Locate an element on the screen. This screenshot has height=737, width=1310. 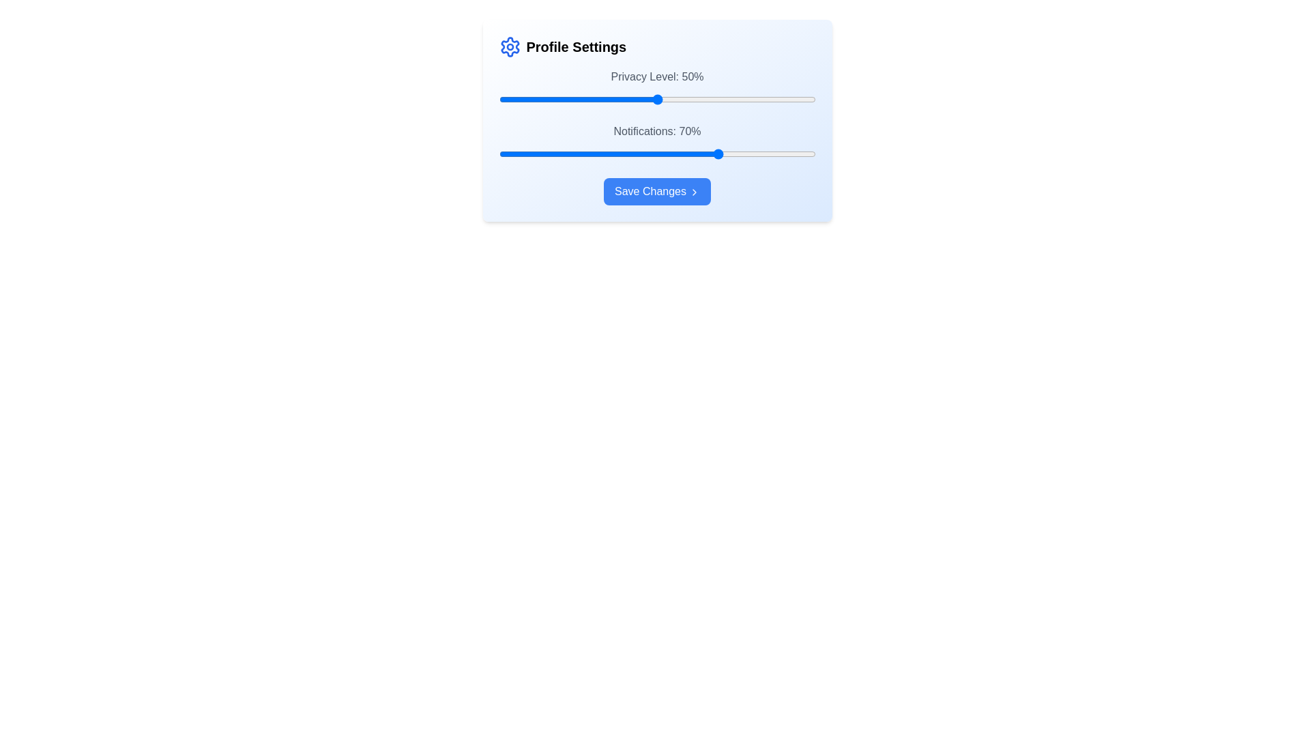
the 'Privacy Level' slider to 95% is located at coordinates (800, 99).